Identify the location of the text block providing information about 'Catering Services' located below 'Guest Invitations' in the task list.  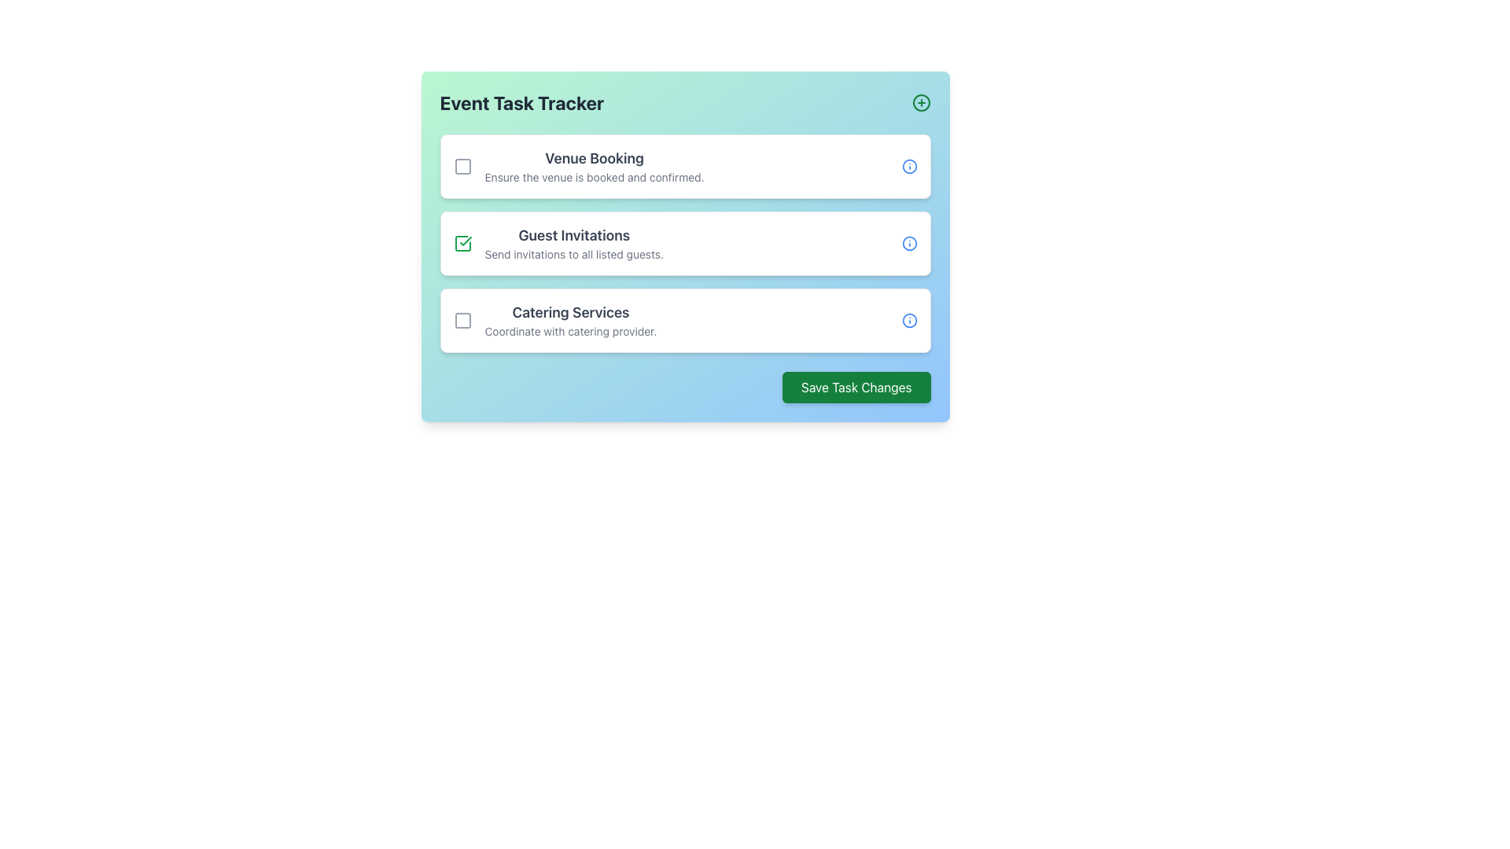
(569, 320).